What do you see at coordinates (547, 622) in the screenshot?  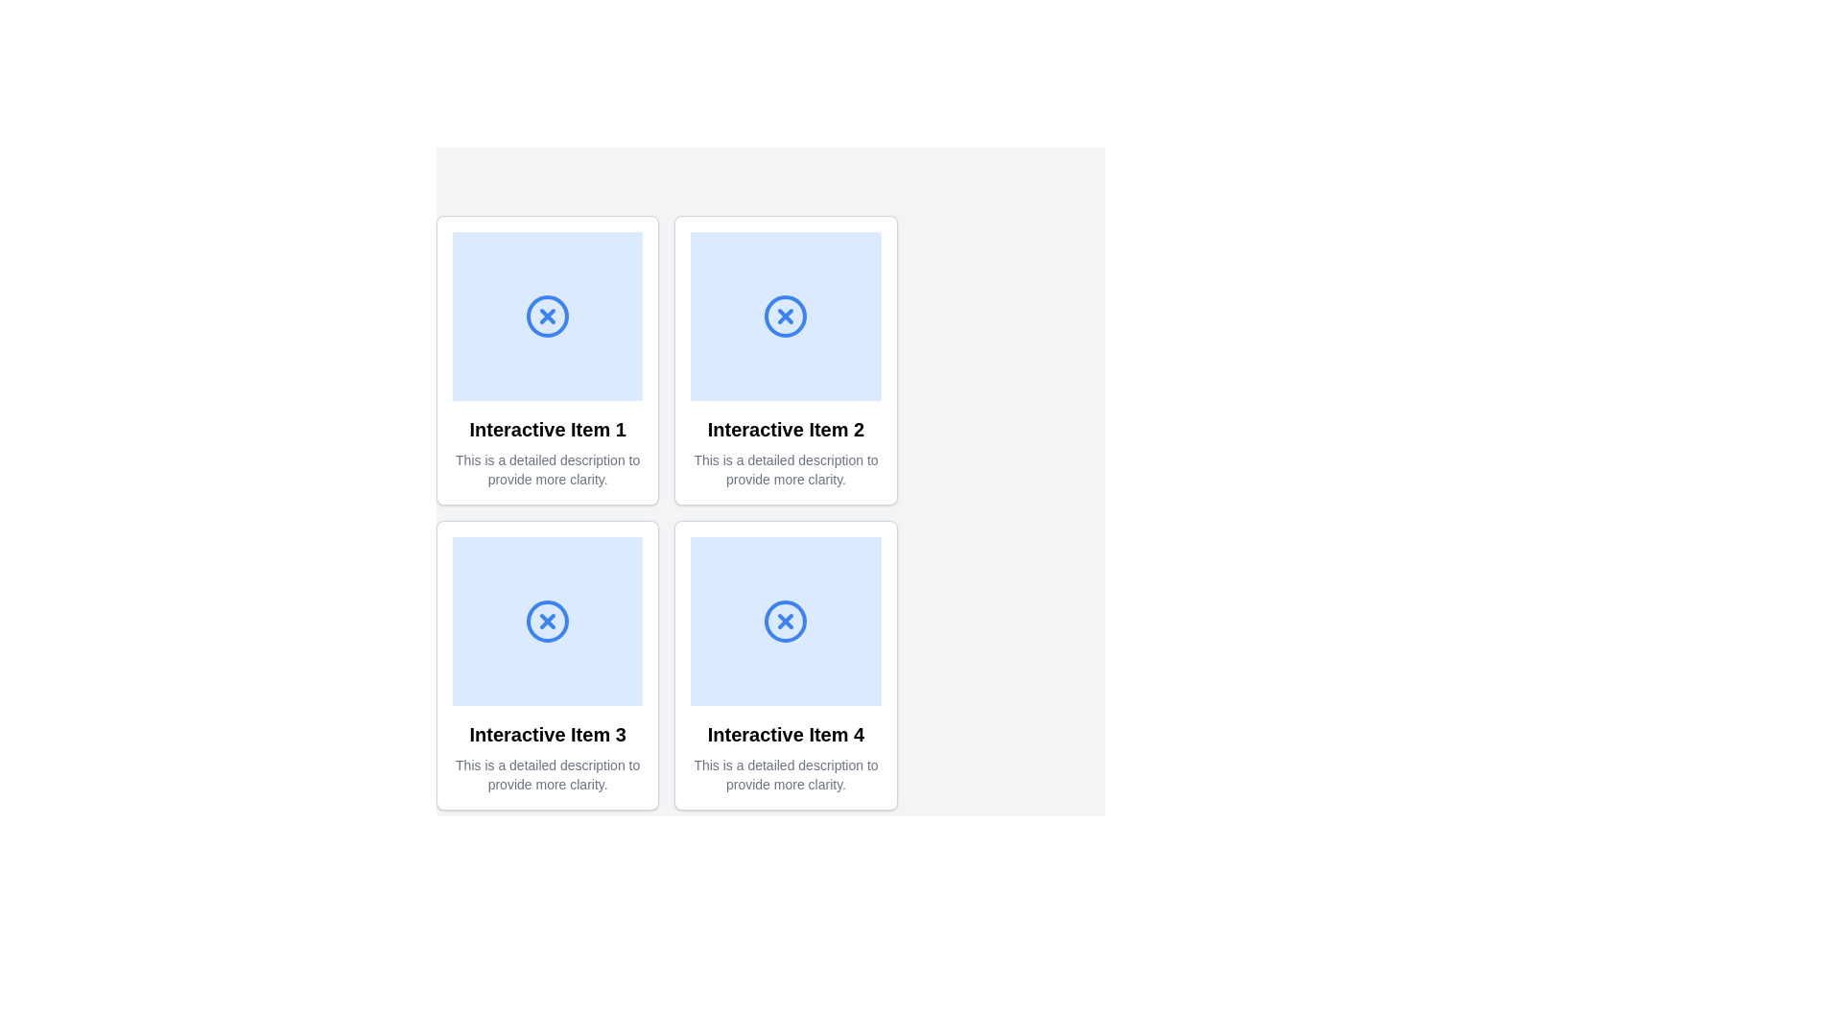 I see `the circular outline with a cross ('X') icon in the center, which is part of the 'Interactive Item 3' card located in the top row of the grid` at bounding box center [547, 622].